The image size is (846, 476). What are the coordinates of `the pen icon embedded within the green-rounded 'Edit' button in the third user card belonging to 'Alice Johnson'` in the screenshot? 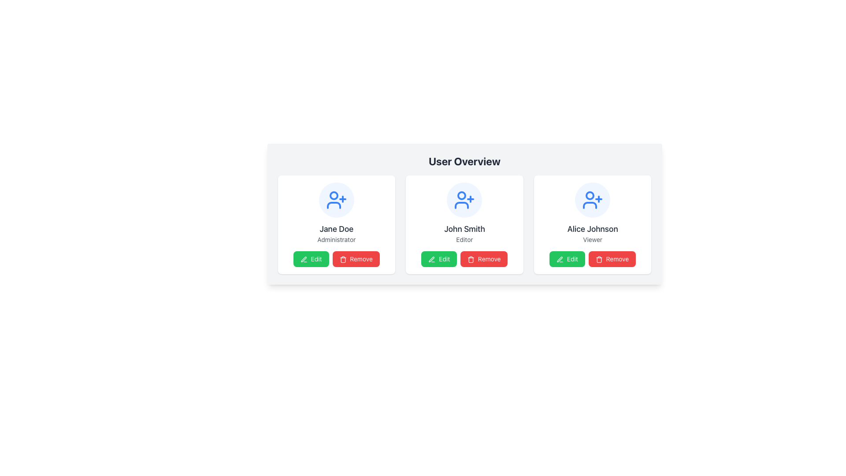 It's located at (560, 259).